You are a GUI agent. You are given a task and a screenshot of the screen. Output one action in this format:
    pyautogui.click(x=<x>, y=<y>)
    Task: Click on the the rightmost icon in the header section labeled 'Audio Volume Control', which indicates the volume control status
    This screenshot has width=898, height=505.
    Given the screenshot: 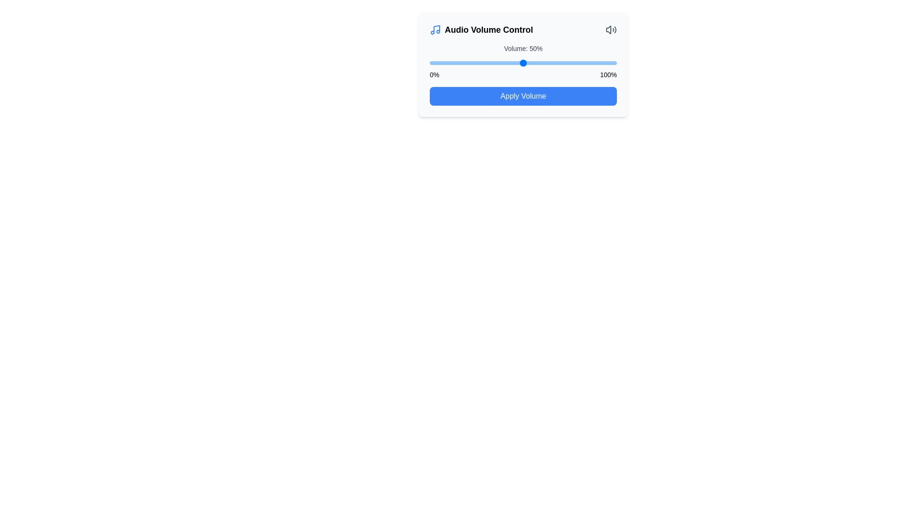 What is the action you would take?
    pyautogui.click(x=611, y=29)
    